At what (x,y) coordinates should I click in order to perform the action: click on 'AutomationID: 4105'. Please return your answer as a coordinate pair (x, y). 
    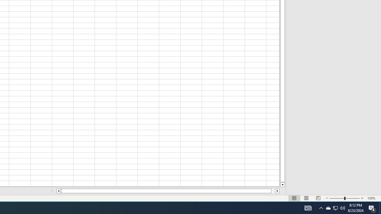
    Looking at the image, I should click on (308, 207).